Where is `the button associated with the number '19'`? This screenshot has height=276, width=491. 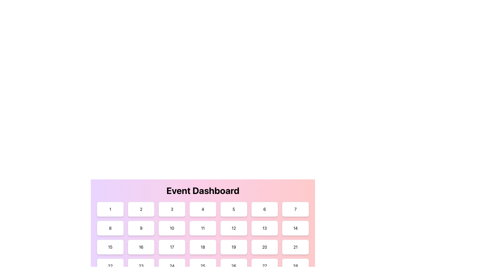 the button associated with the number '19' is located at coordinates (233, 247).